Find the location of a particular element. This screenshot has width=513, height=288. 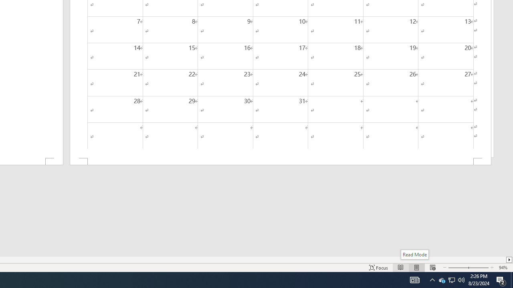

'Focus ' is located at coordinates (378, 268).